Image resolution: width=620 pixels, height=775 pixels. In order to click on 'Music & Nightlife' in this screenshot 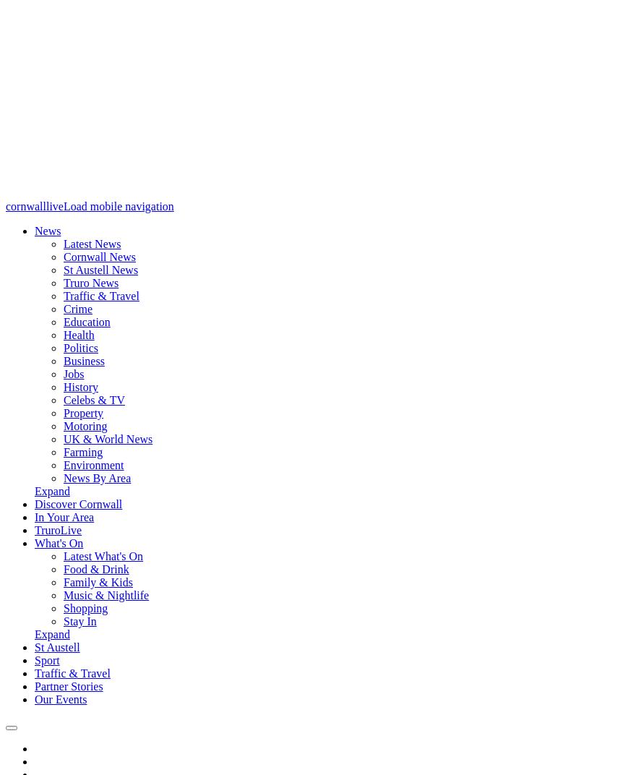, I will do `click(105, 594)`.